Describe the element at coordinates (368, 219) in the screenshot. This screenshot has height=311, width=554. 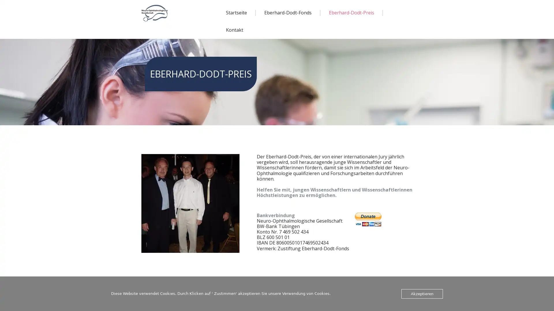
I see `Donate with PayPal button` at that location.